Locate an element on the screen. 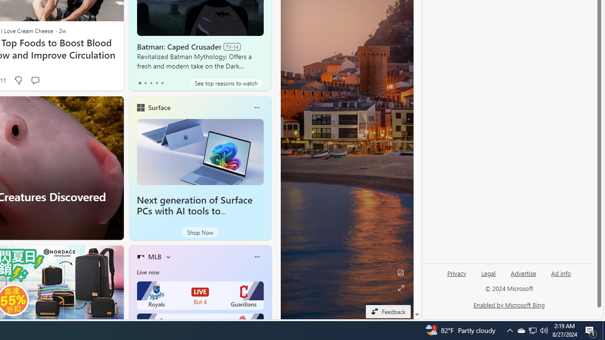  'tab-4' is located at coordinates (162, 83).